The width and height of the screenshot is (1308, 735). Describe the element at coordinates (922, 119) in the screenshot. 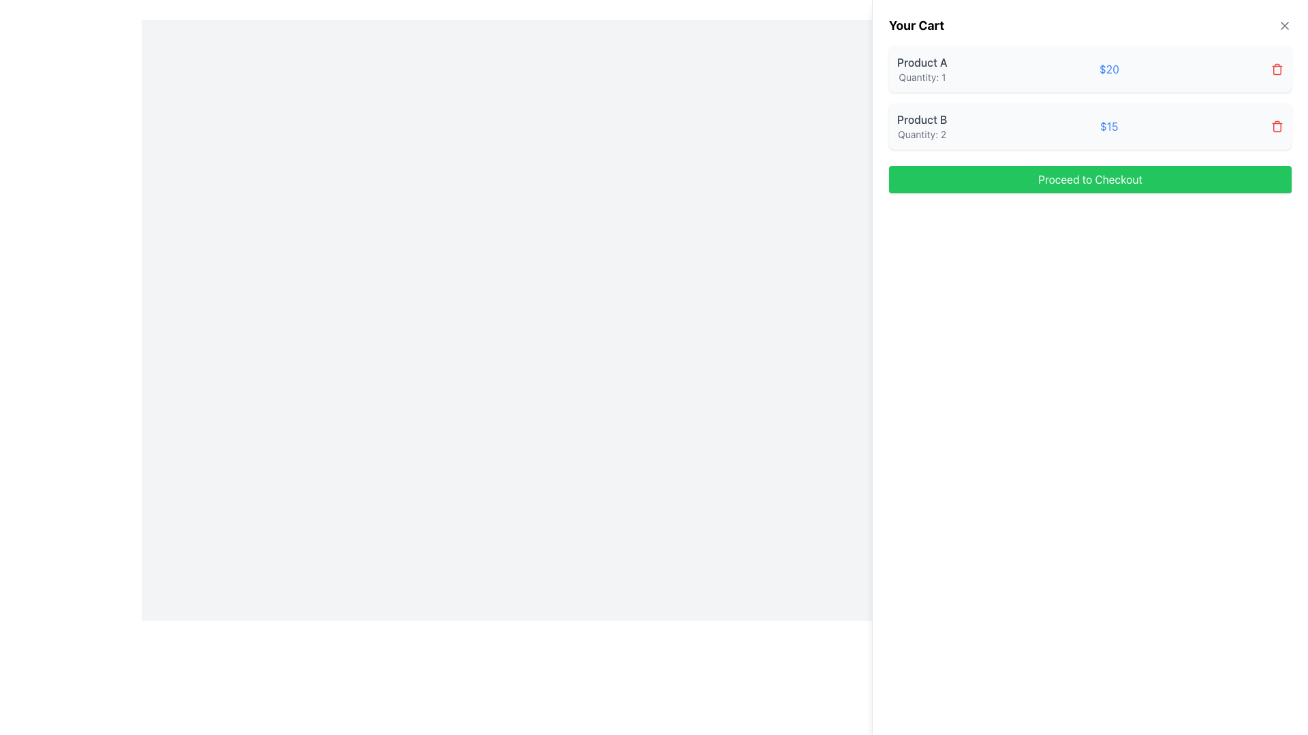

I see `the text label that identifies the name of the second product in the shopping cart, located to the left of the price '$15' and above the quantity details 'Quantity: 2'` at that location.